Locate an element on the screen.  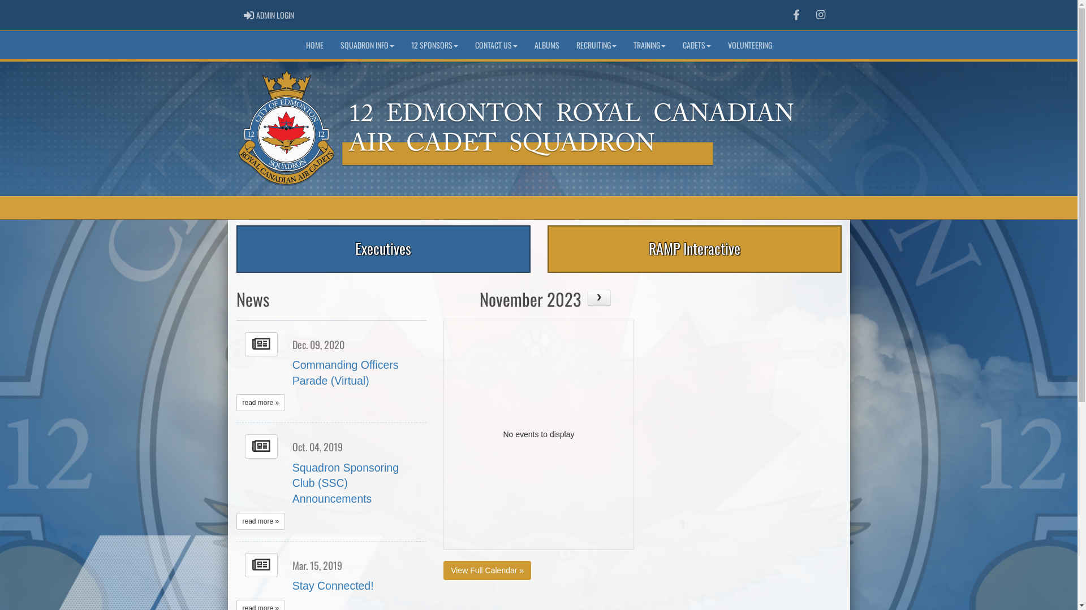
'like us' is located at coordinates (795, 15).